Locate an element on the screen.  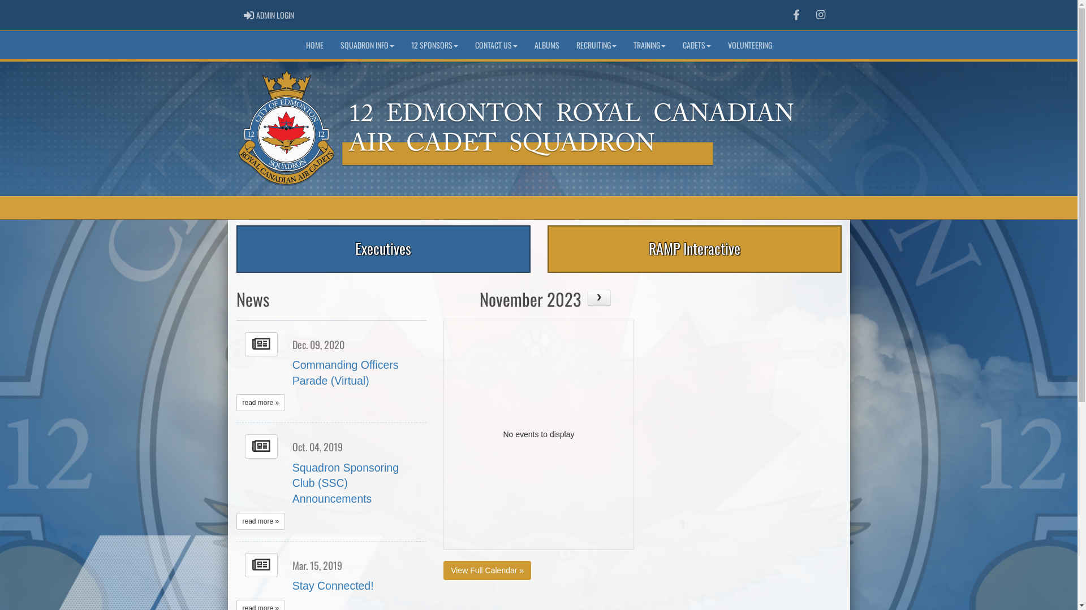
'like us' is located at coordinates (795, 15).